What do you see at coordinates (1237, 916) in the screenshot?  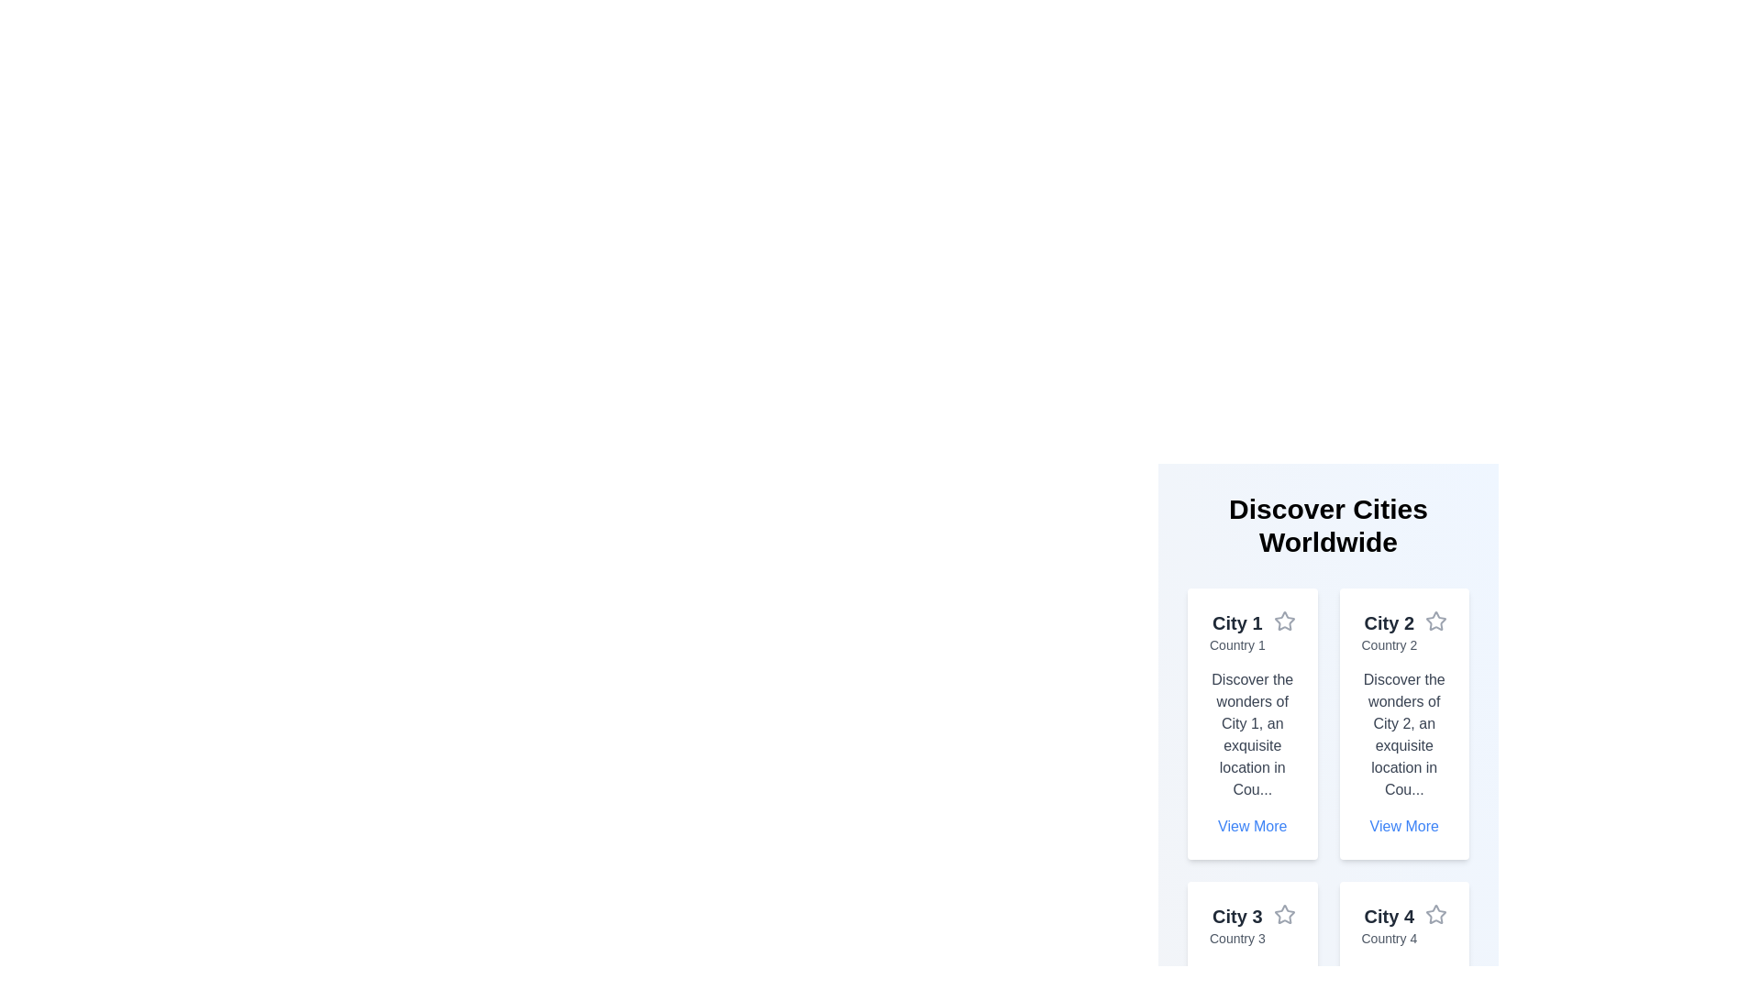 I see `the text label displaying 'City 3' in bold, large, and dark text, located in the lower-left position of a 2x2 grid within its card layout` at bounding box center [1237, 916].